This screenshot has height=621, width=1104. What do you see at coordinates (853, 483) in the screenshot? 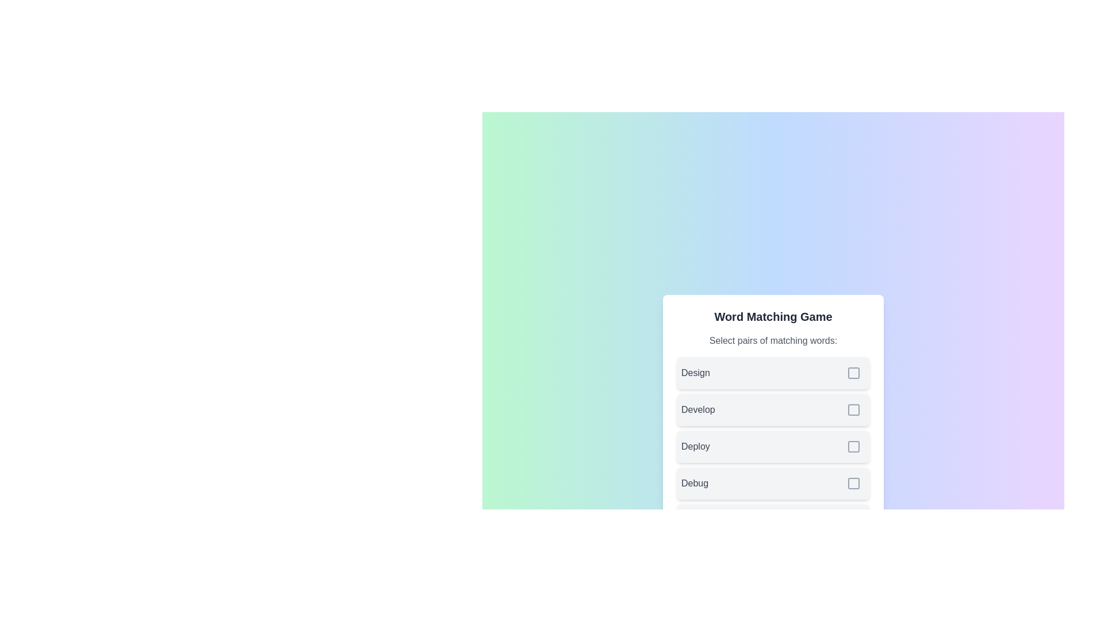
I see `the checkbox corresponding to the word Debug` at bounding box center [853, 483].